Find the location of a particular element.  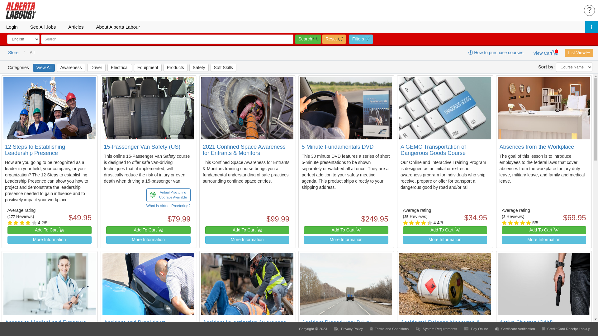

'Electrical' is located at coordinates (120, 68).